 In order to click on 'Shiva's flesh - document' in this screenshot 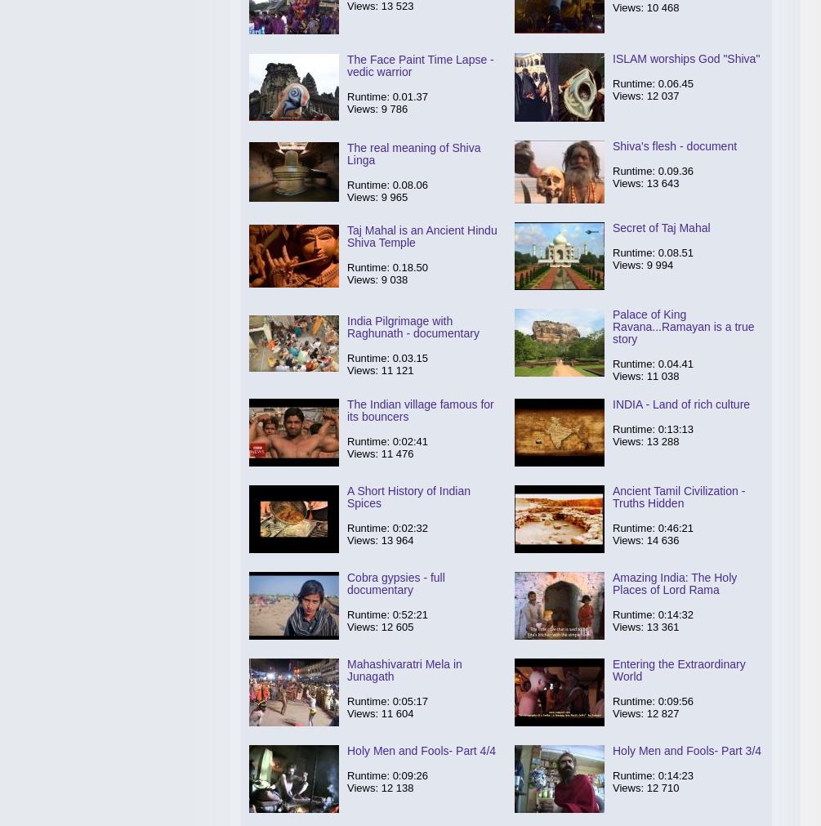, I will do `click(675, 146)`.